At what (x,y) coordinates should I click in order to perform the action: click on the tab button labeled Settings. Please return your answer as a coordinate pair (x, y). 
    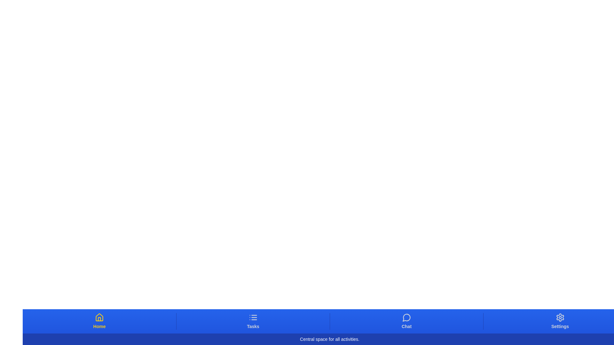
    Looking at the image, I should click on (560, 321).